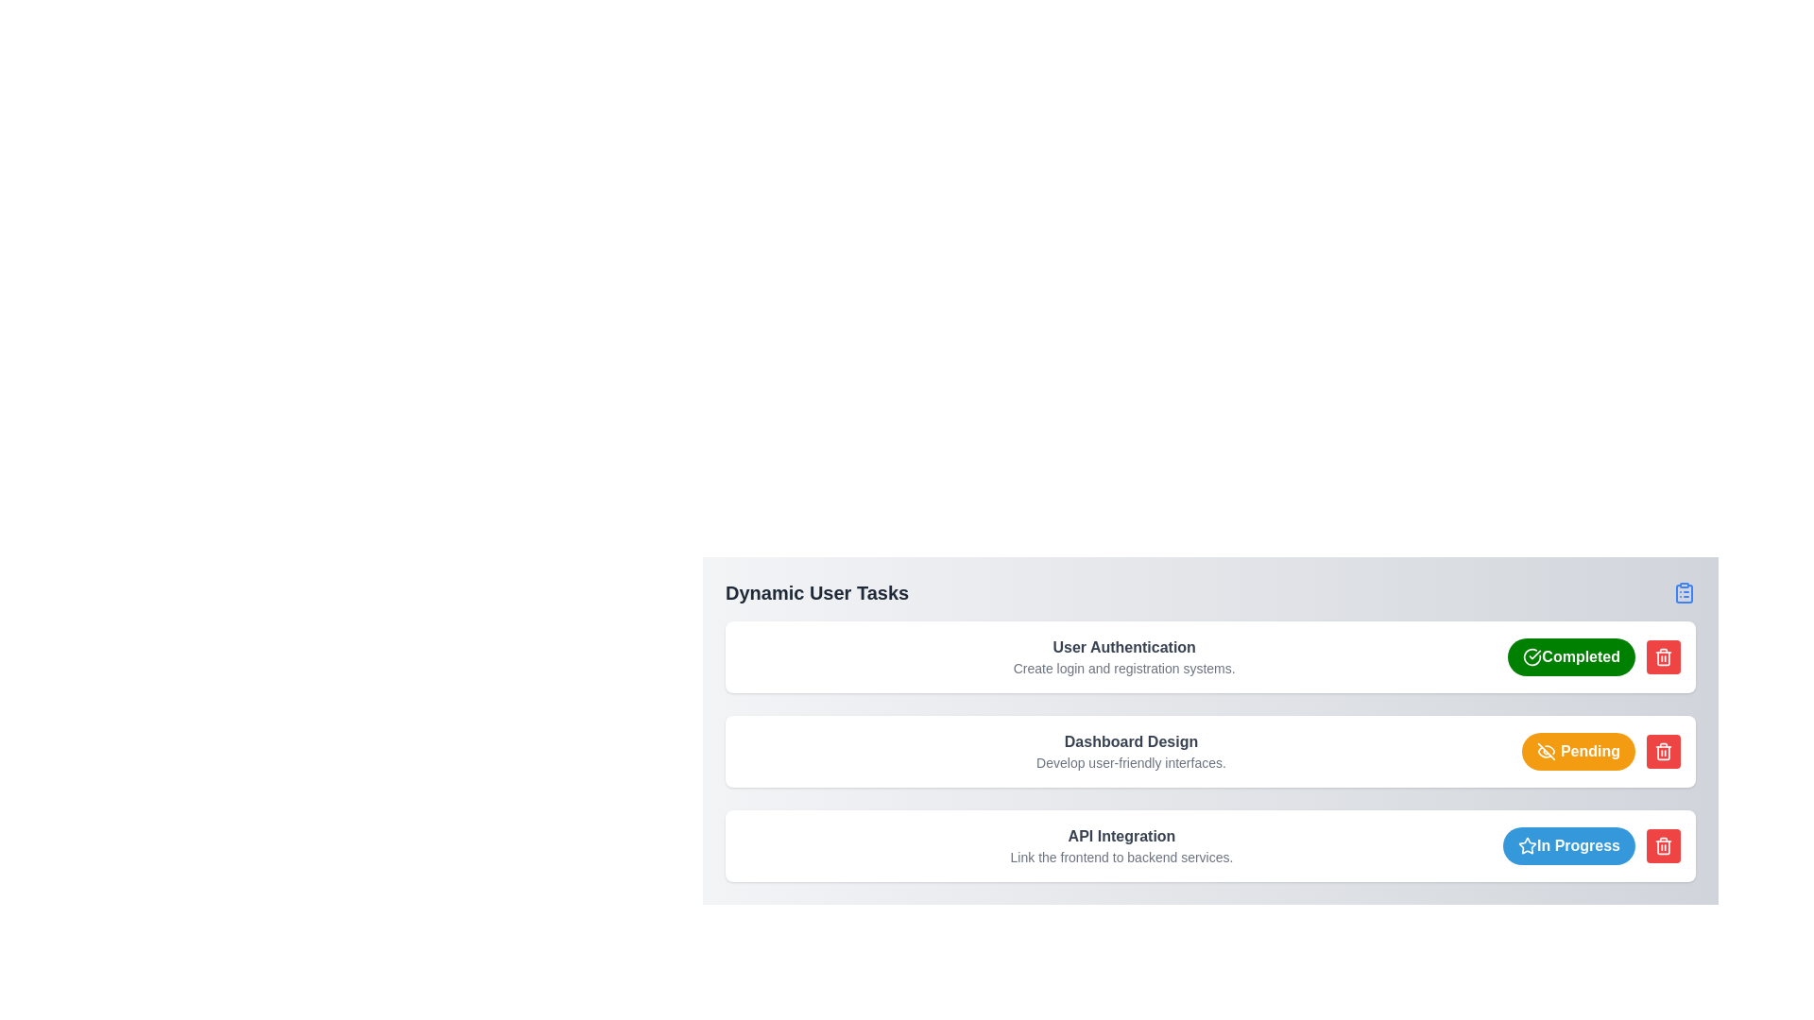  I want to click on the blue clipboard icon with a checklist that is located at the top-right corner of the 'Dynamic User Tasks' section, so click(1684, 592).